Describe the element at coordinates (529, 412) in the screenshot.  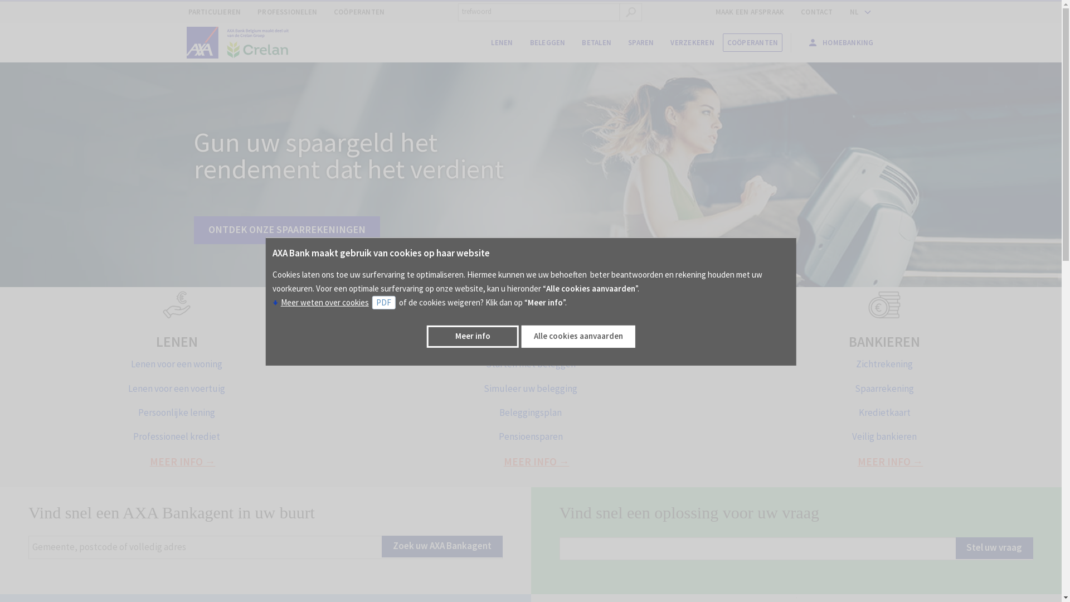
I see `'Beleggingsplan'` at that location.